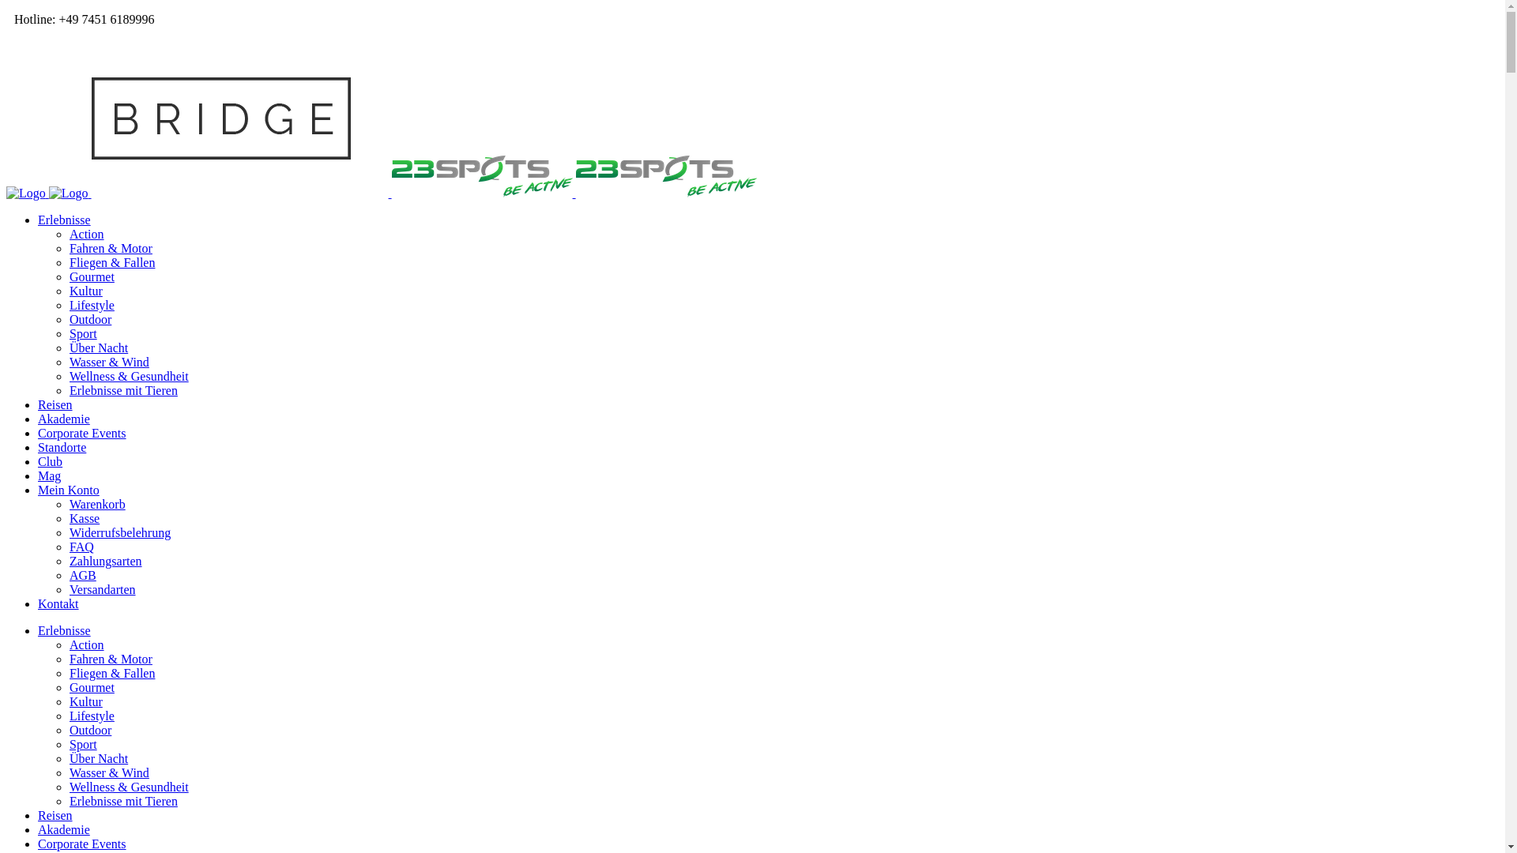  What do you see at coordinates (81, 546) in the screenshot?
I see `'FAQ'` at bounding box center [81, 546].